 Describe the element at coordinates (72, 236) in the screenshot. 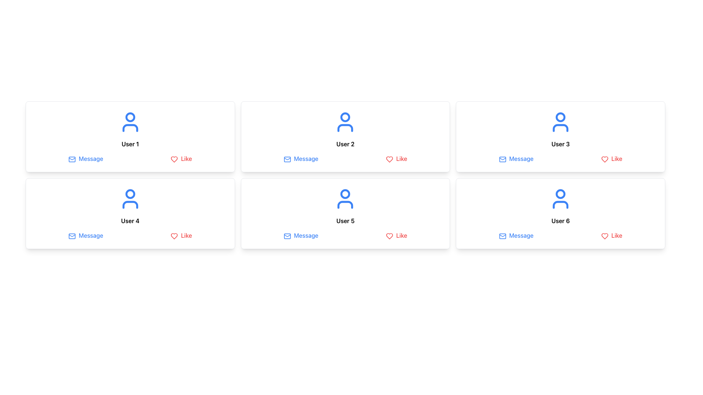

I see `the button containing the blue outlined envelope icon located in the card for 'User 4', which is positioned to the left of the 'Message' text` at that location.